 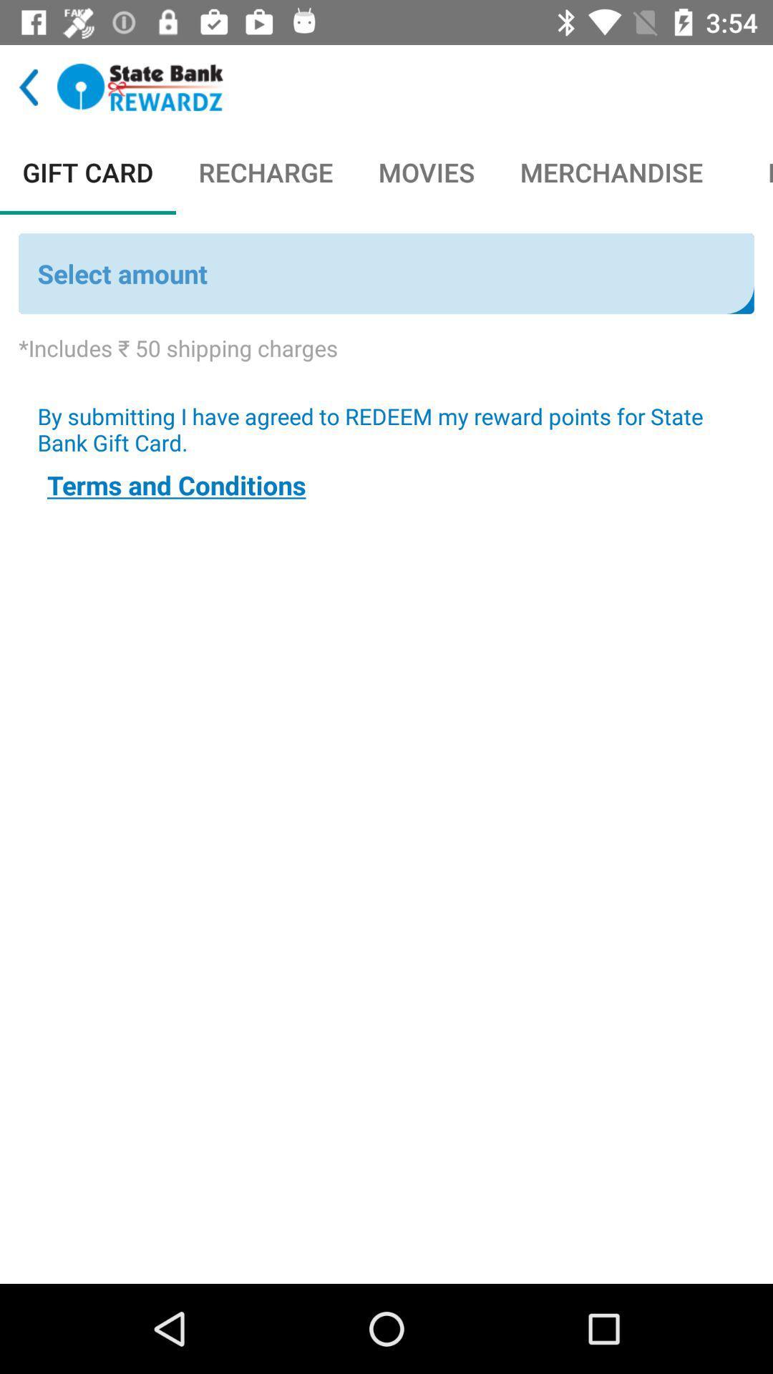 I want to click on the arrow which is left to the state bank logo, so click(x=29, y=86).